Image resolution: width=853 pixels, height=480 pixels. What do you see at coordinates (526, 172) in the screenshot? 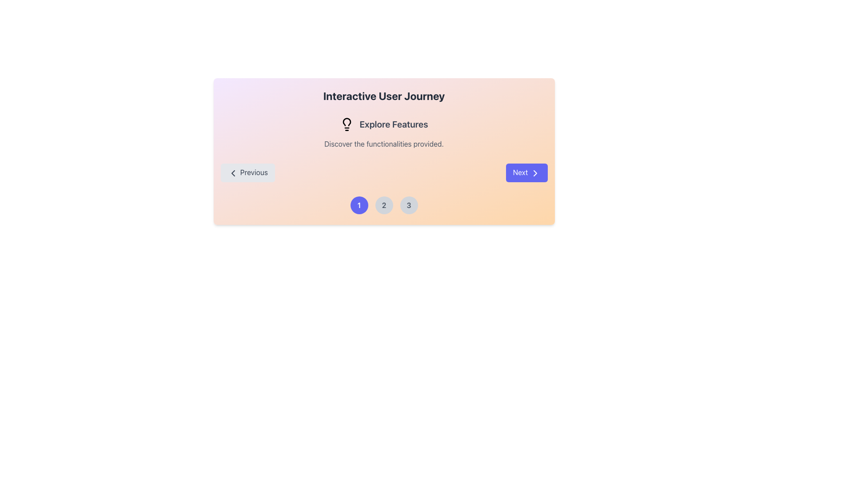
I see `the 'Next' button, which is a deep indigo rectangular button with white text and a right-pointing chevron icon, positioned at the bottom right of the panel` at bounding box center [526, 172].